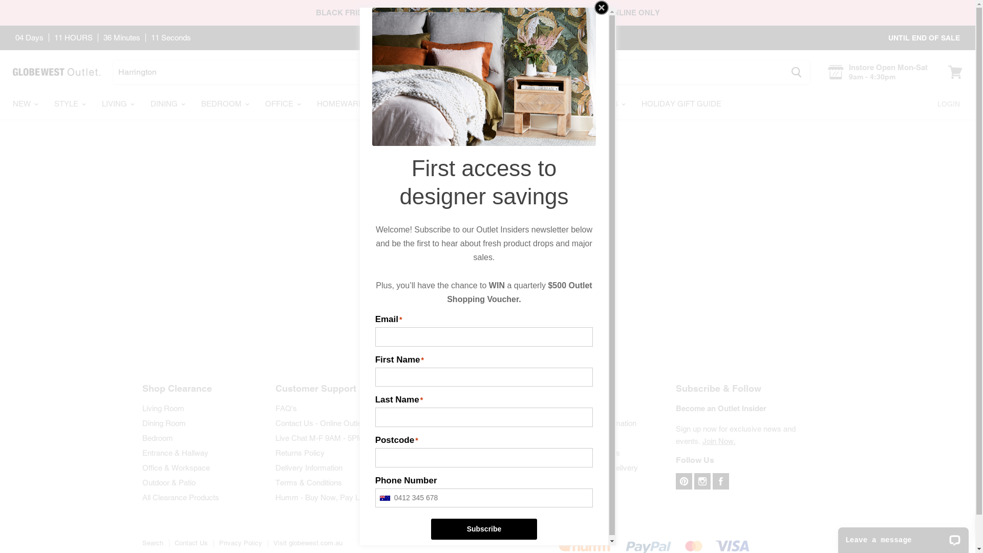  What do you see at coordinates (169, 482) in the screenshot?
I see `'Outdoor & Patio'` at bounding box center [169, 482].